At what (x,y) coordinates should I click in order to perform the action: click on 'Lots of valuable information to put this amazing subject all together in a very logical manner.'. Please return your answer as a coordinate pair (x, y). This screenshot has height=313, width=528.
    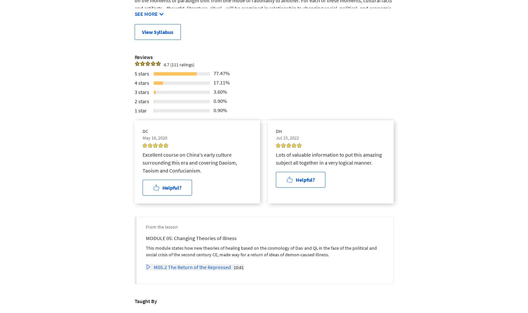
    Looking at the image, I should click on (328, 158).